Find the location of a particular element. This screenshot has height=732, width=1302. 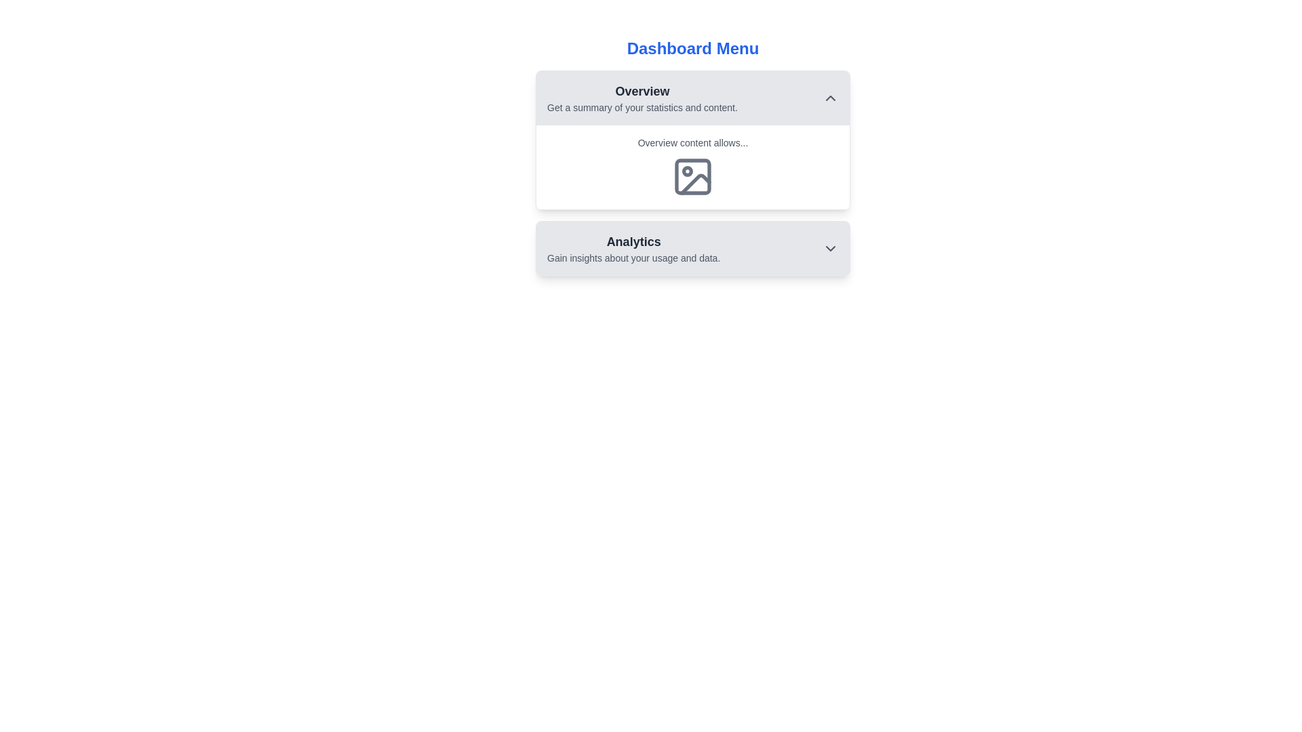

text information from the 'Overview' collapsible section header, which has a light gray background and contains the title 'Overview' in bold black text along with a description about statistics and content is located at coordinates (693, 98).